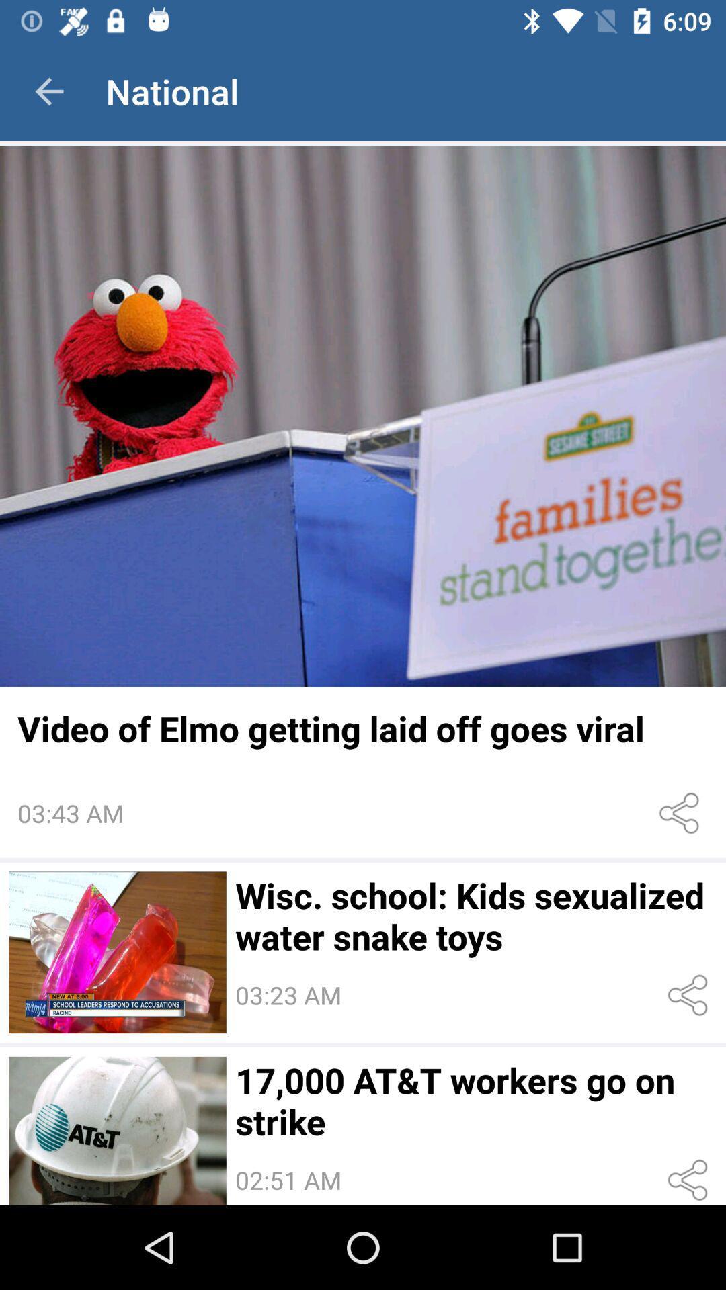  I want to click on video, so click(117, 951).